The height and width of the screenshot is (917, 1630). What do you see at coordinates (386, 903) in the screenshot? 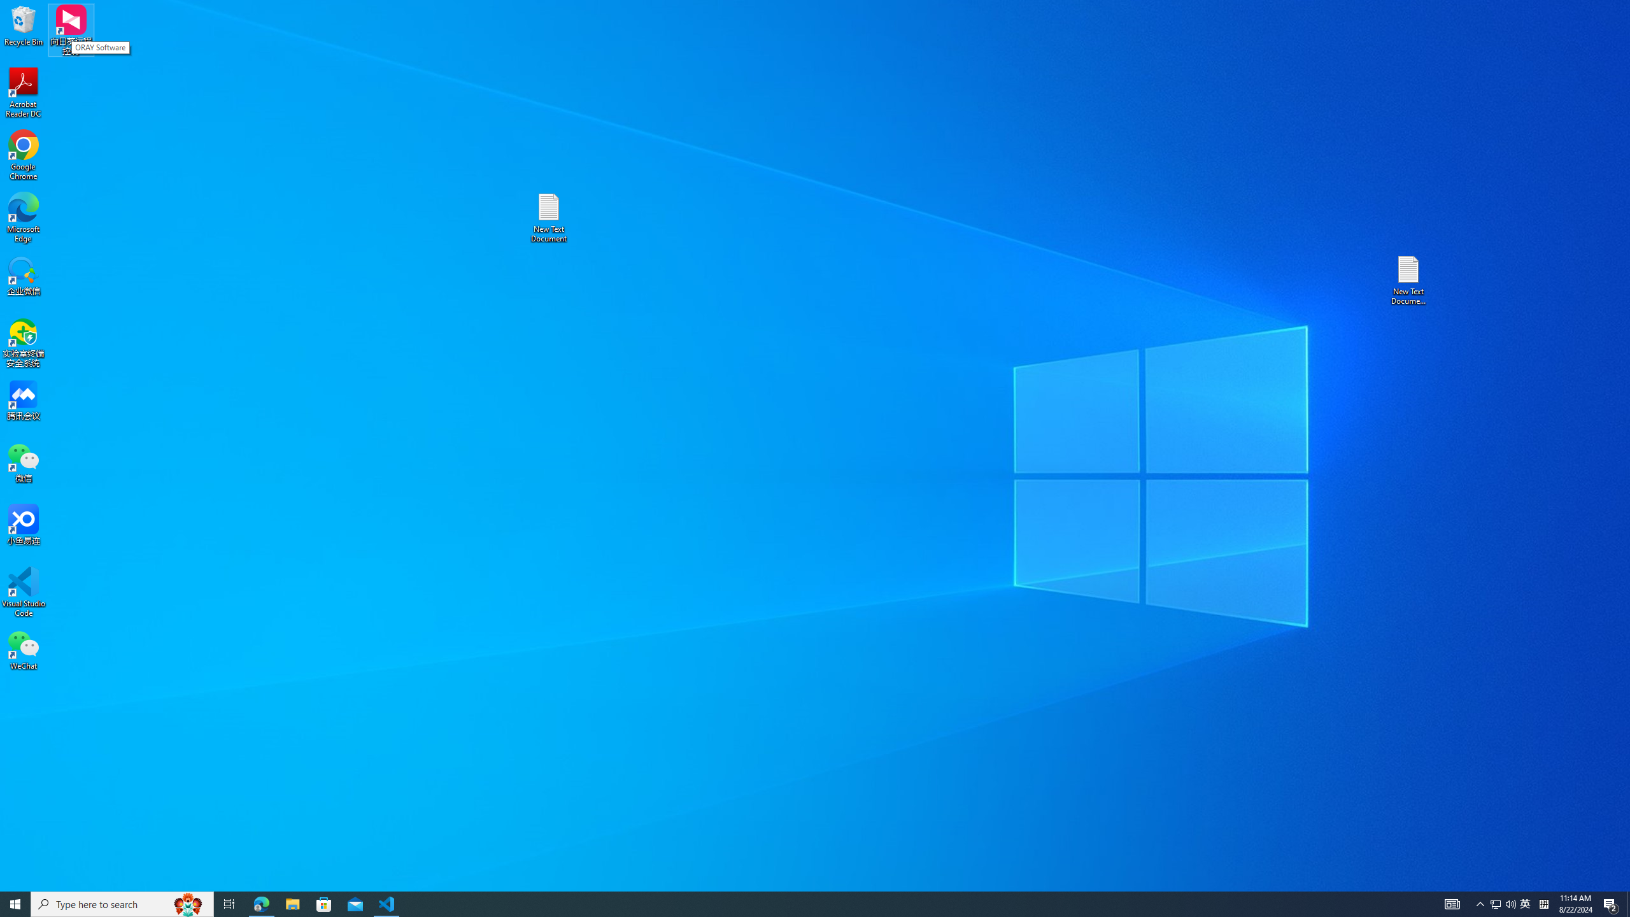
I see `'Visual Studio Code - 1 running window'` at bounding box center [386, 903].